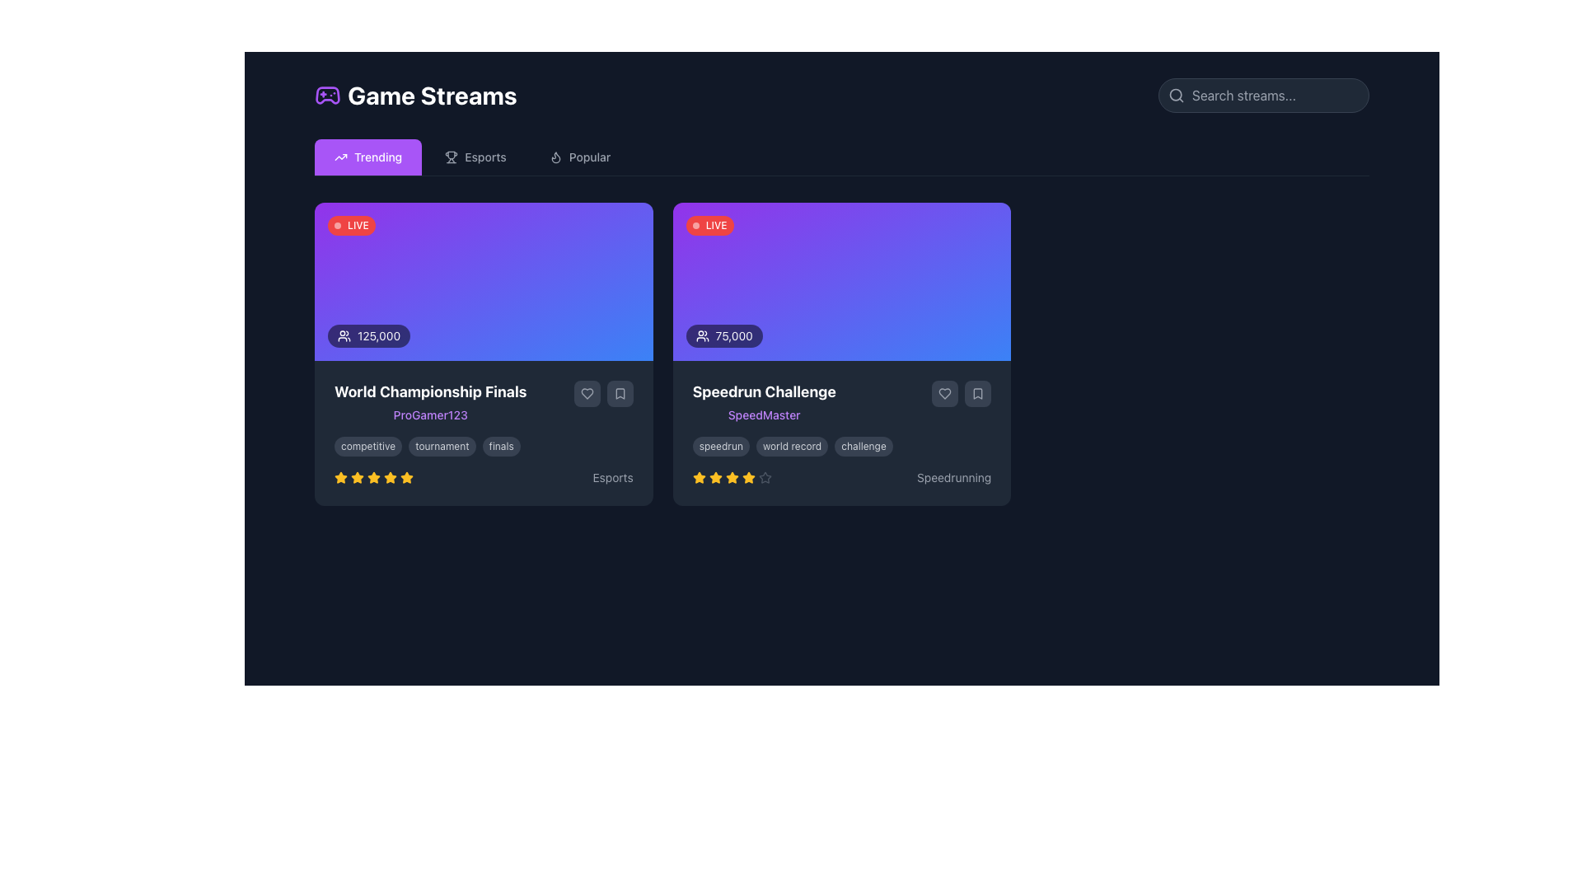 The width and height of the screenshot is (1582, 890). What do you see at coordinates (715, 477) in the screenshot?
I see `the third star icon in the five-star rating system located under the 'Speedrun Challenge' title to interact or highlight it` at bounding box center [715, 477].